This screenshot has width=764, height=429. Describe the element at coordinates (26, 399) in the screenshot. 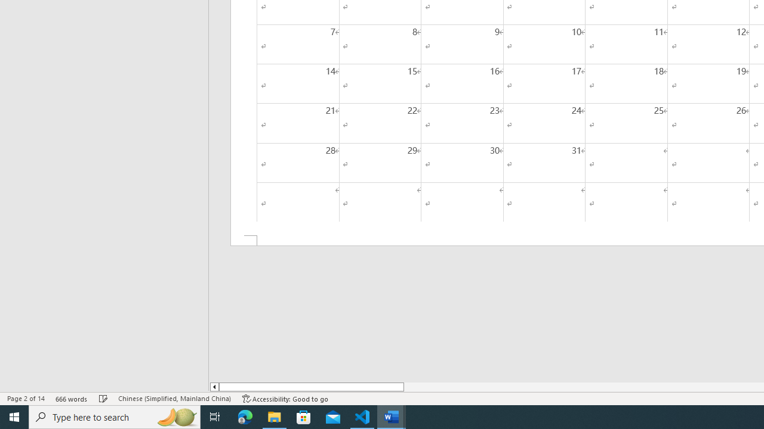

I see `'Page Number Page 2 of 14'` at that location.